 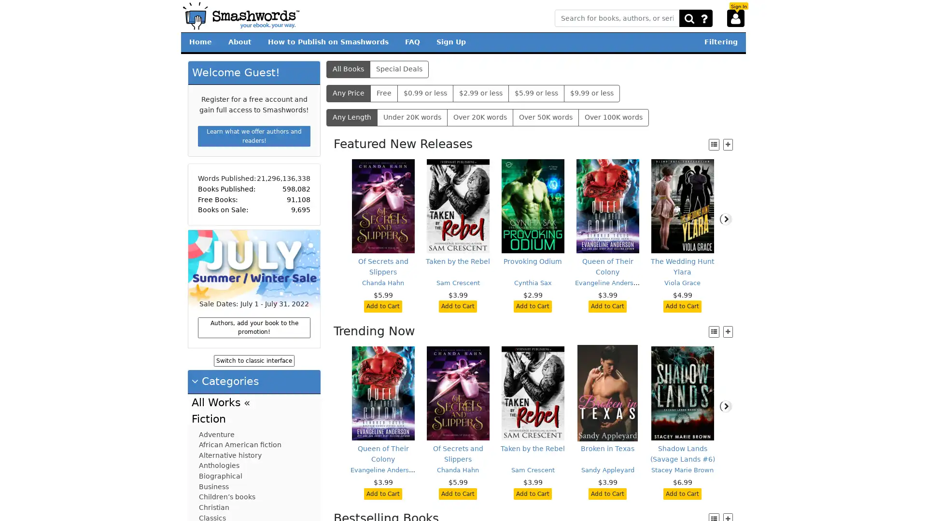 What do you see at coordinates (225, 381) in the screenshot?
I see `Categories` at bounding box center [225, 381].